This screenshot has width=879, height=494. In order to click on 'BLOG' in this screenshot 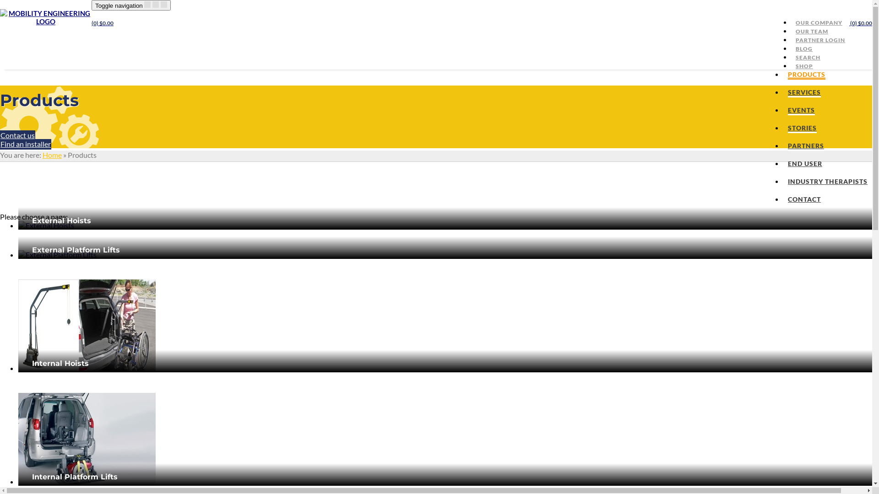, I will do `click(791, 48)`.